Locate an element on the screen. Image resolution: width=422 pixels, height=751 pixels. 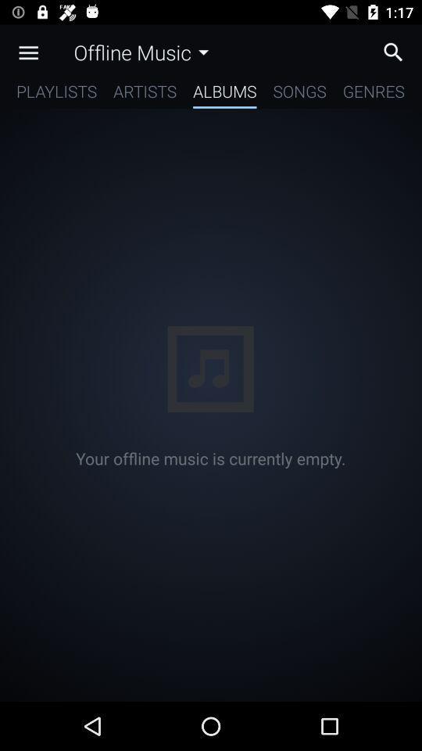
item to the left of albums app is located at coordinates (145, 94).